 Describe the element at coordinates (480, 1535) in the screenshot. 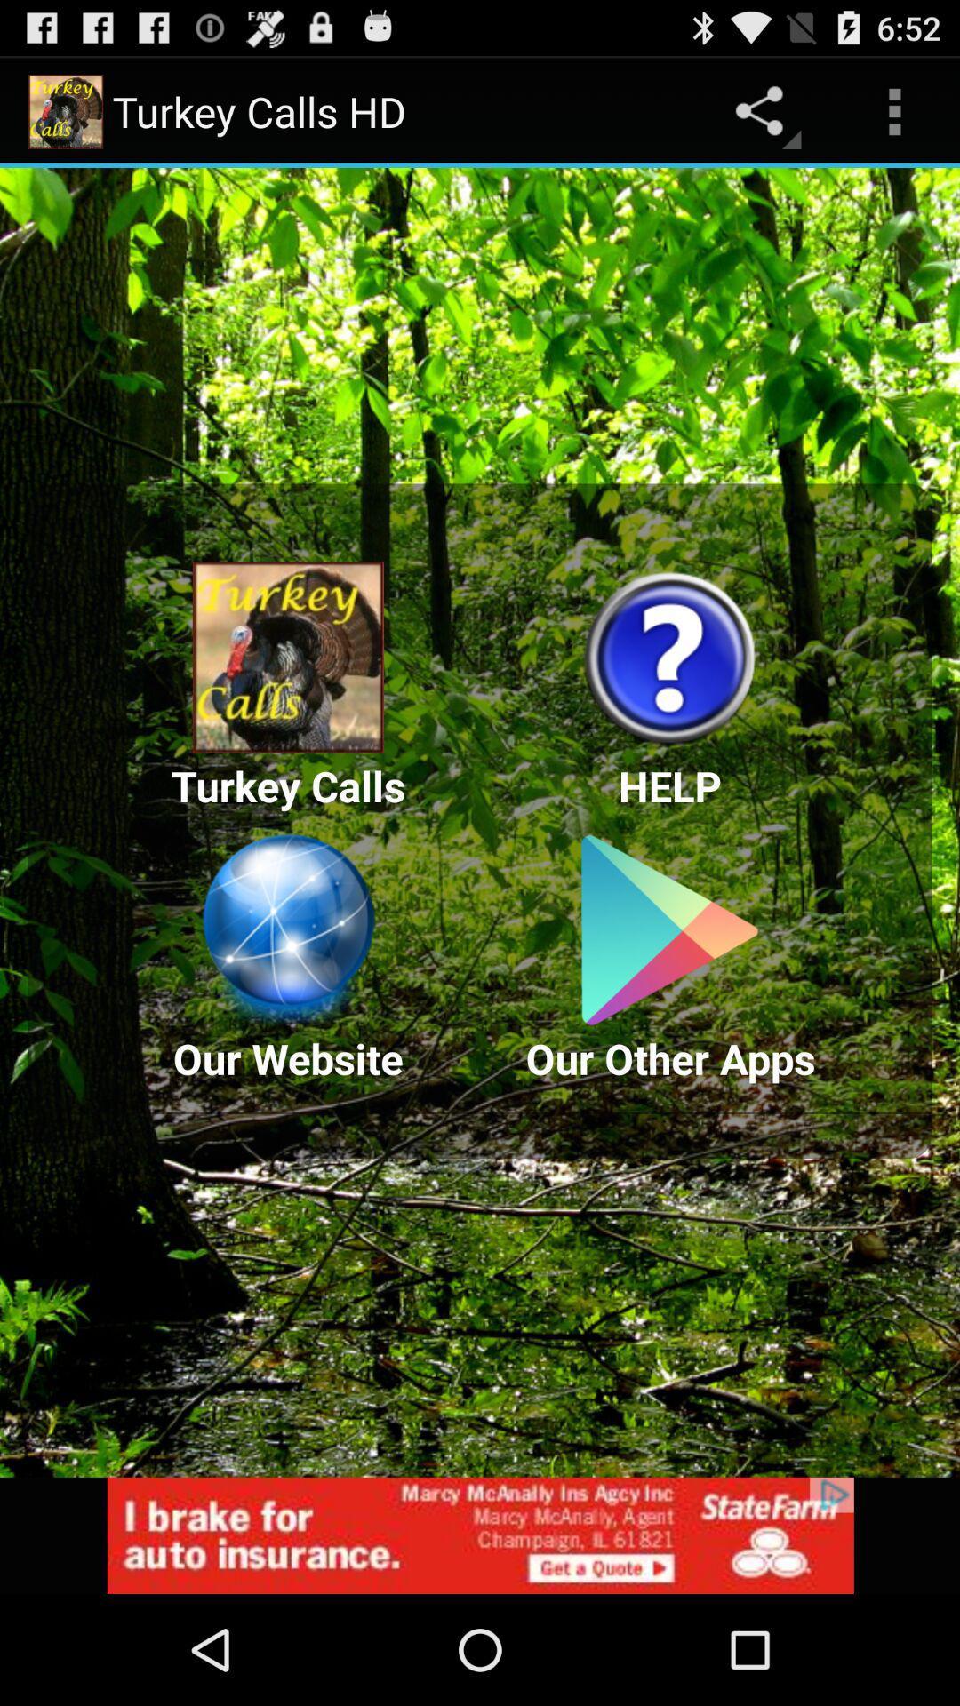

I see `lower advertisement bar` at that location.